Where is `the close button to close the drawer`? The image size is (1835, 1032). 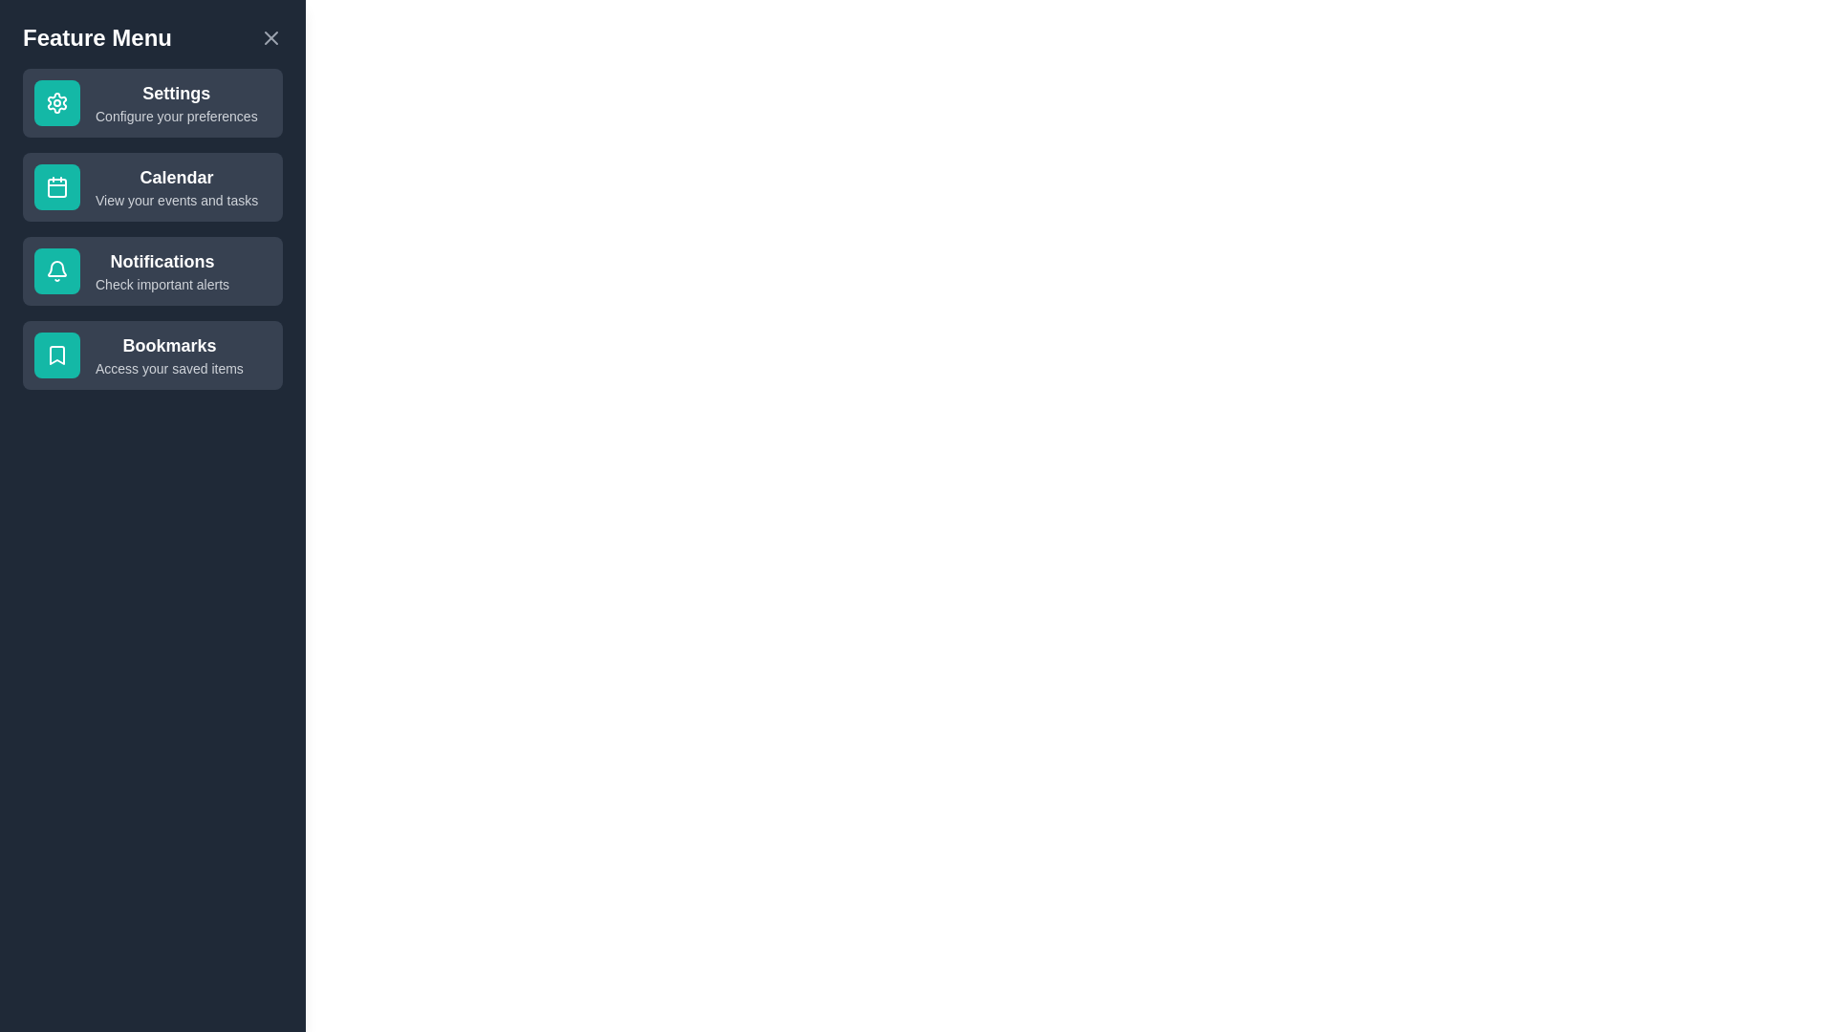
the close button to close the drawer is located at coordinates (270, 37).